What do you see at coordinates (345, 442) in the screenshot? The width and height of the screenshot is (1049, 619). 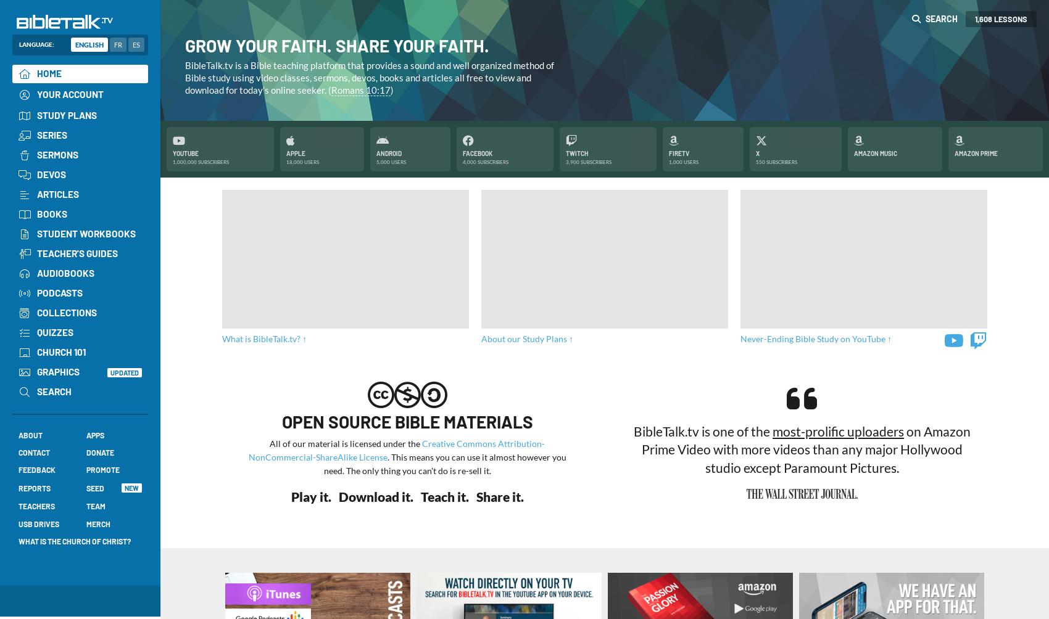 I see `'All of our material is licensed under the'` at bounding box center [345, 442].